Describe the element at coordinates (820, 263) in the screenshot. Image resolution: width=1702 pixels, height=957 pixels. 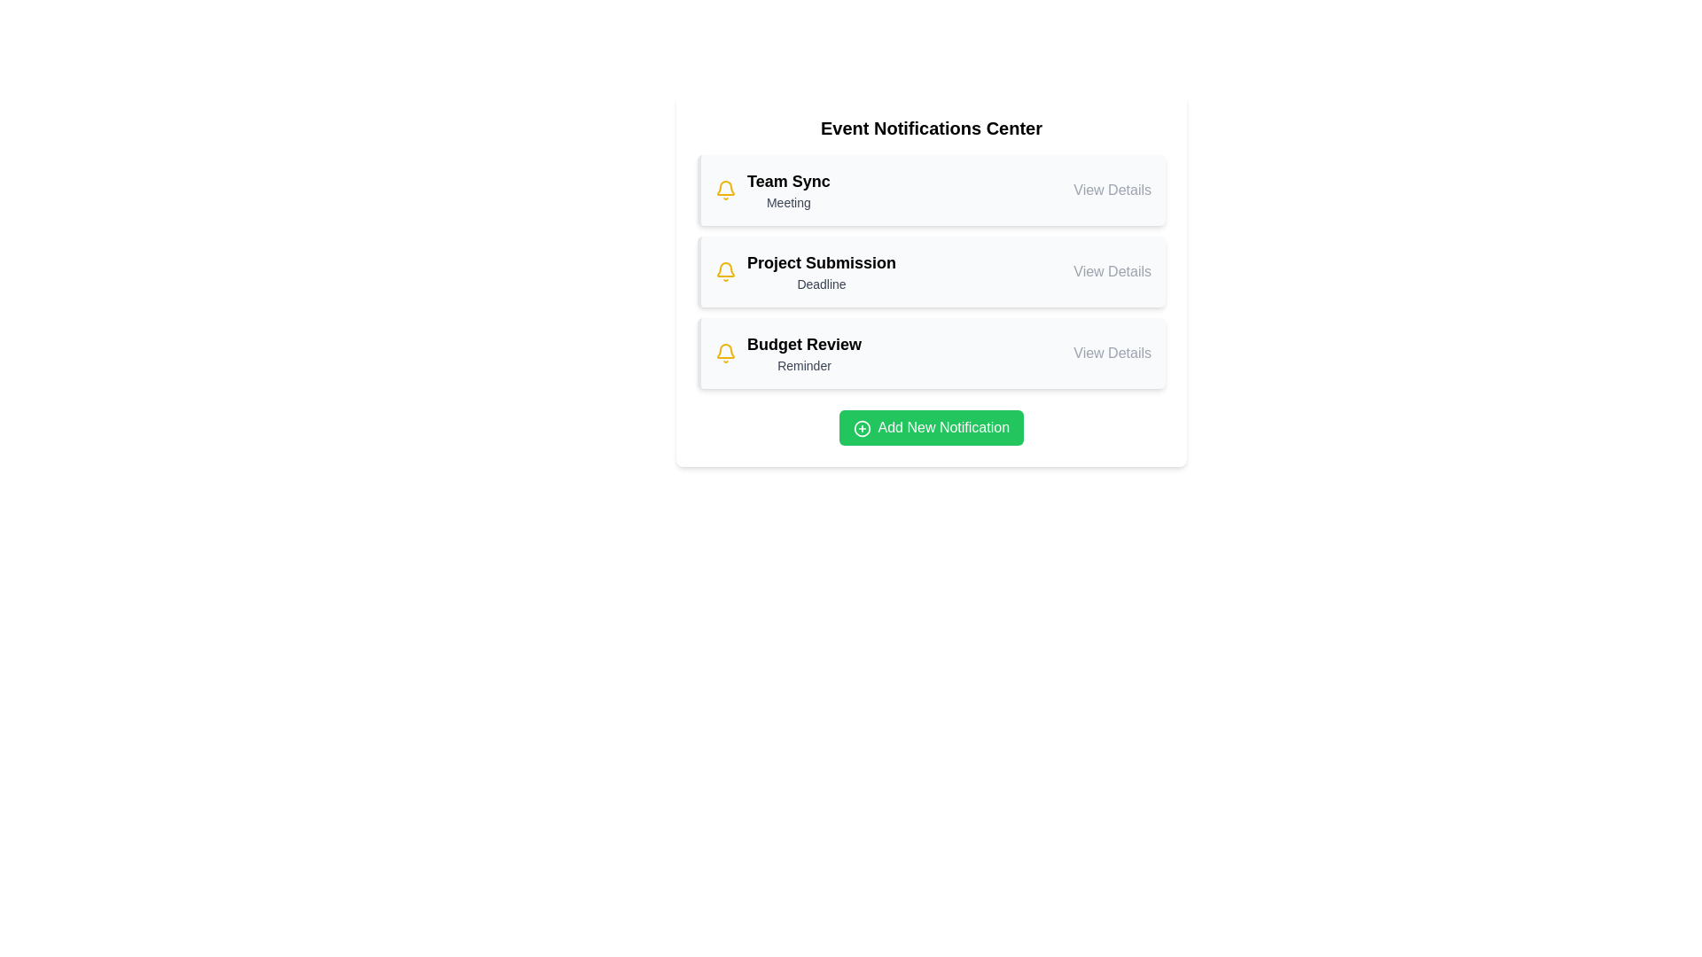
I see `the 'Project Submission' text label` at that location.